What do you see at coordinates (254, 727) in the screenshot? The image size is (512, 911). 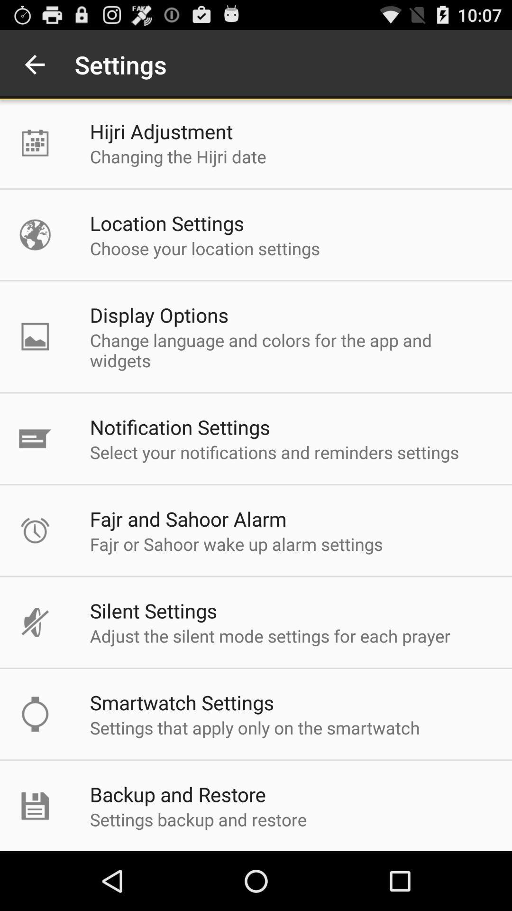 I see `icon below the smartwatch settings app` at bounding box center [254, 727].